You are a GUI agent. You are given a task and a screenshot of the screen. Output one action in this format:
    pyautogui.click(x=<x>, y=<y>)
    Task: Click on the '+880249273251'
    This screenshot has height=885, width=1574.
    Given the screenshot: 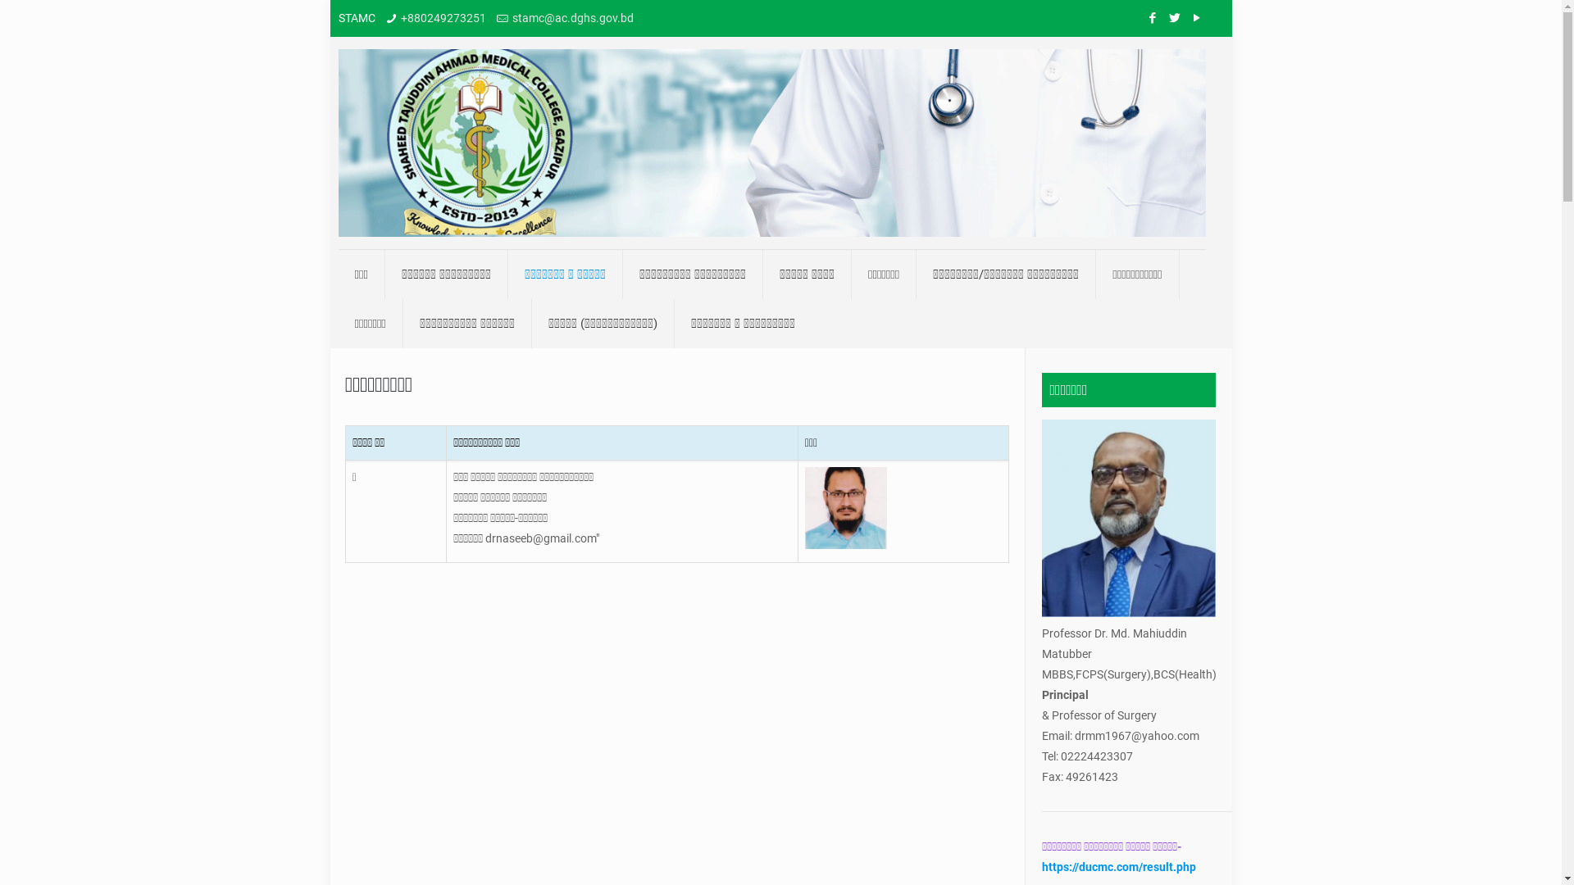 What is the action you would take?
    pyautogui.click(x=444, y=18)
    